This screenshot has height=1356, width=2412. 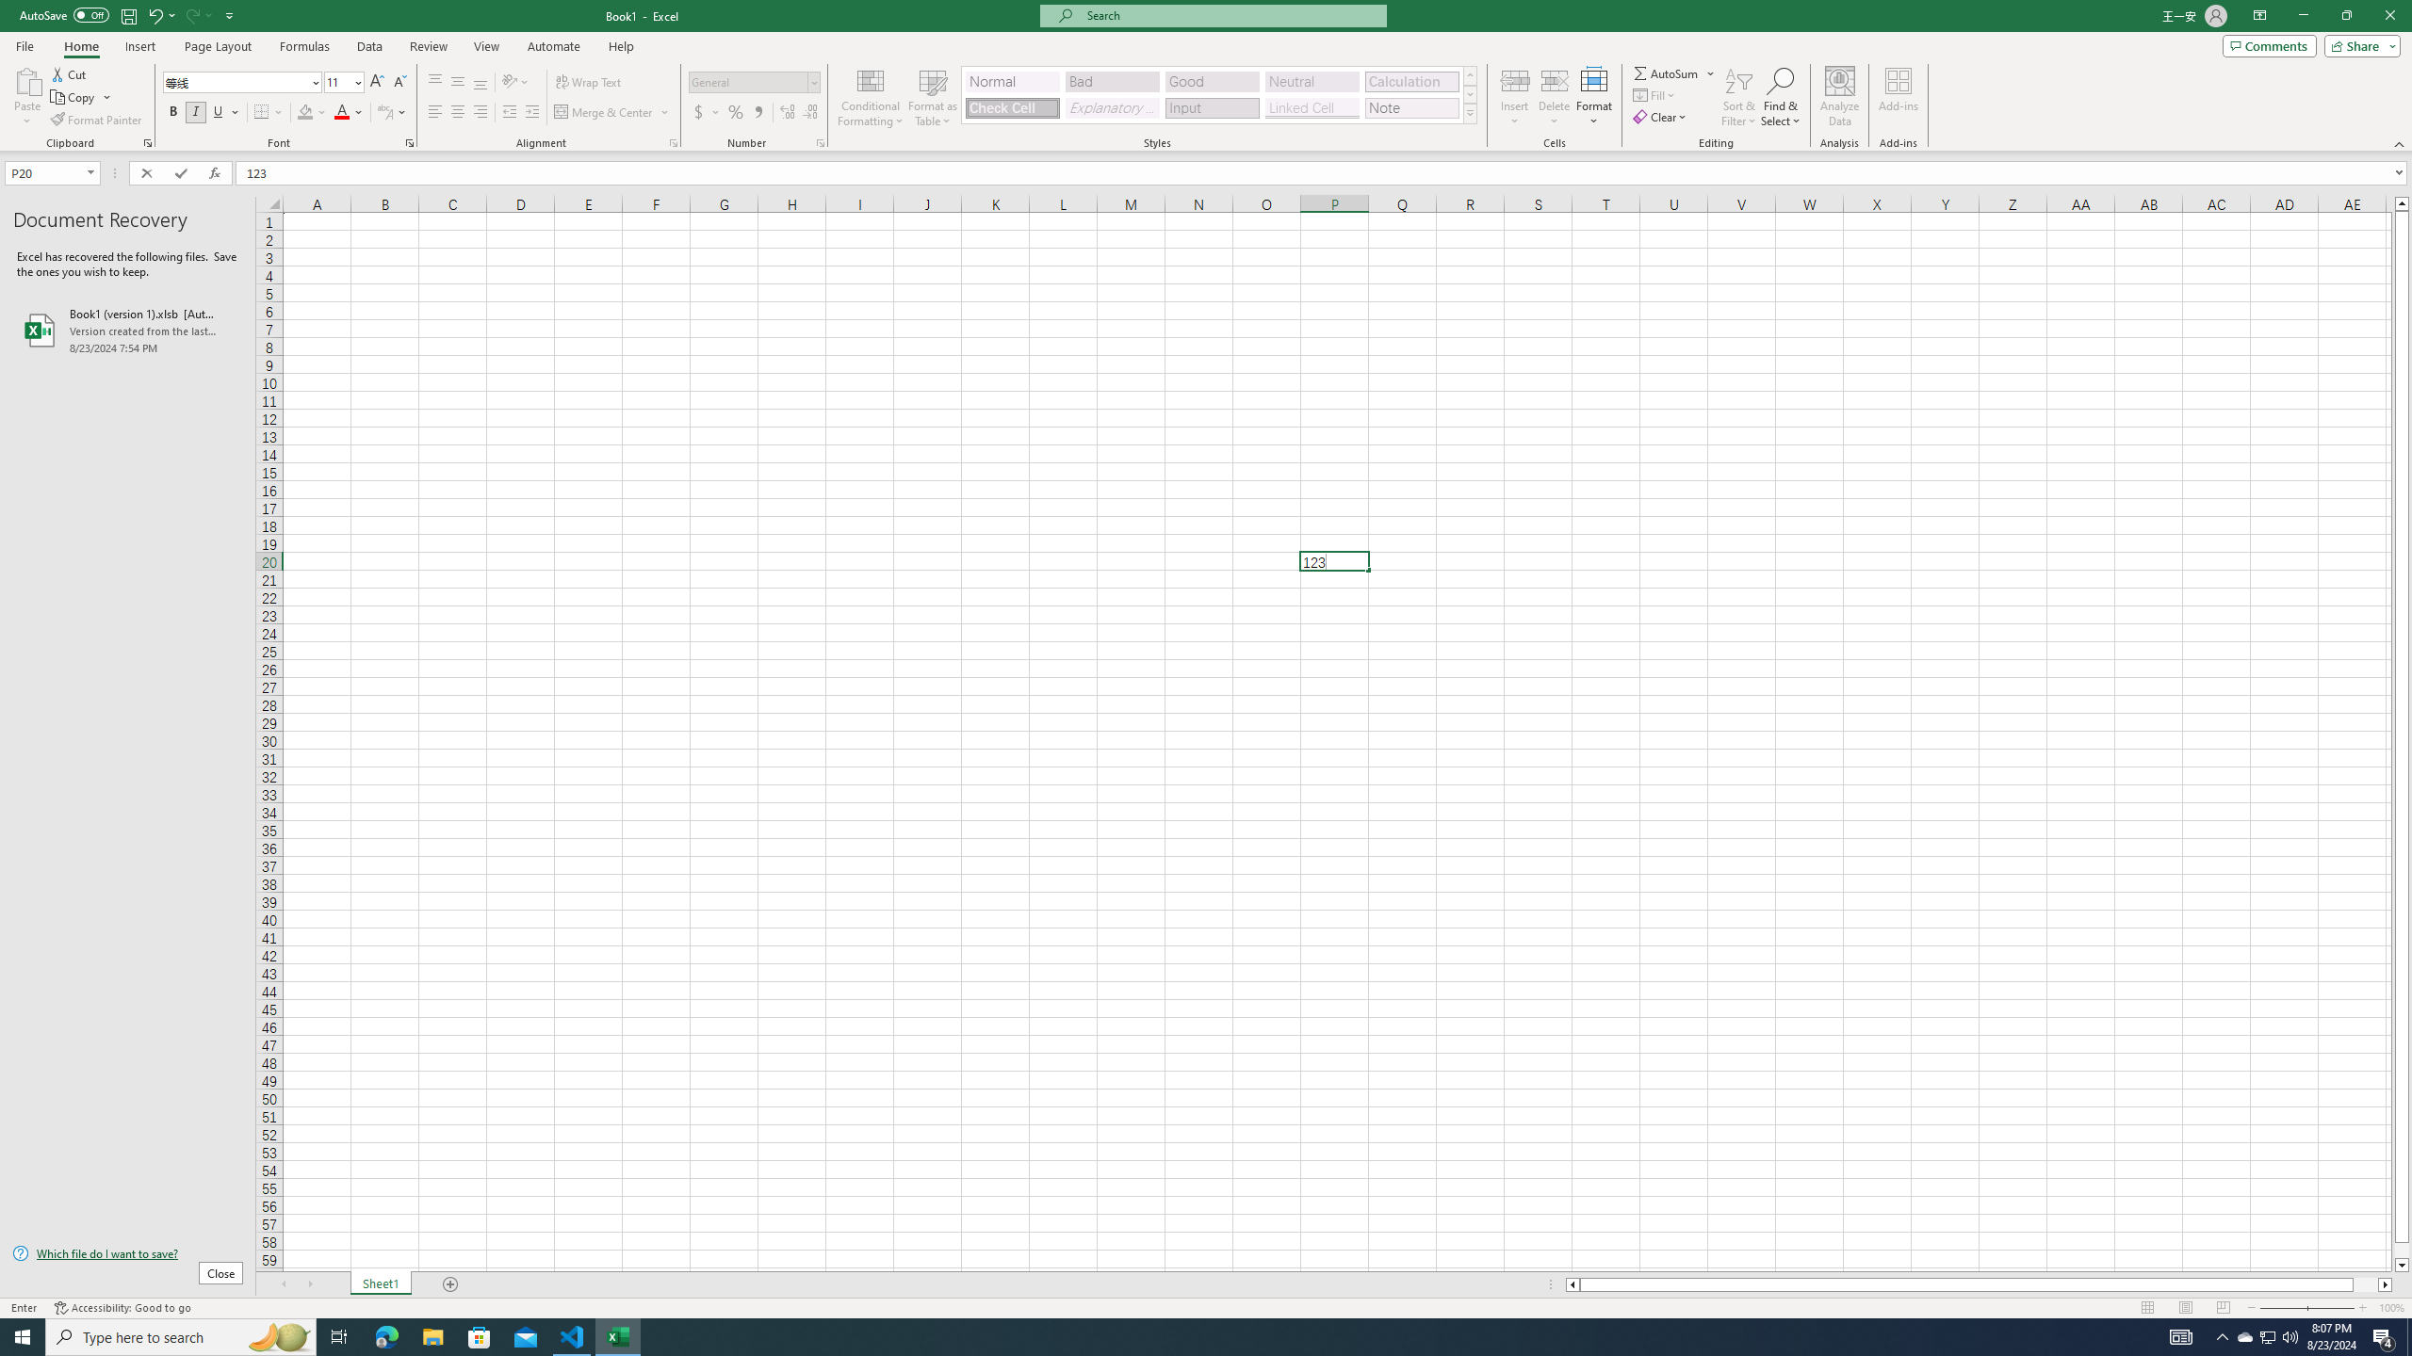 I want to click on 'Merge & Center', so click(x=604, y=111).